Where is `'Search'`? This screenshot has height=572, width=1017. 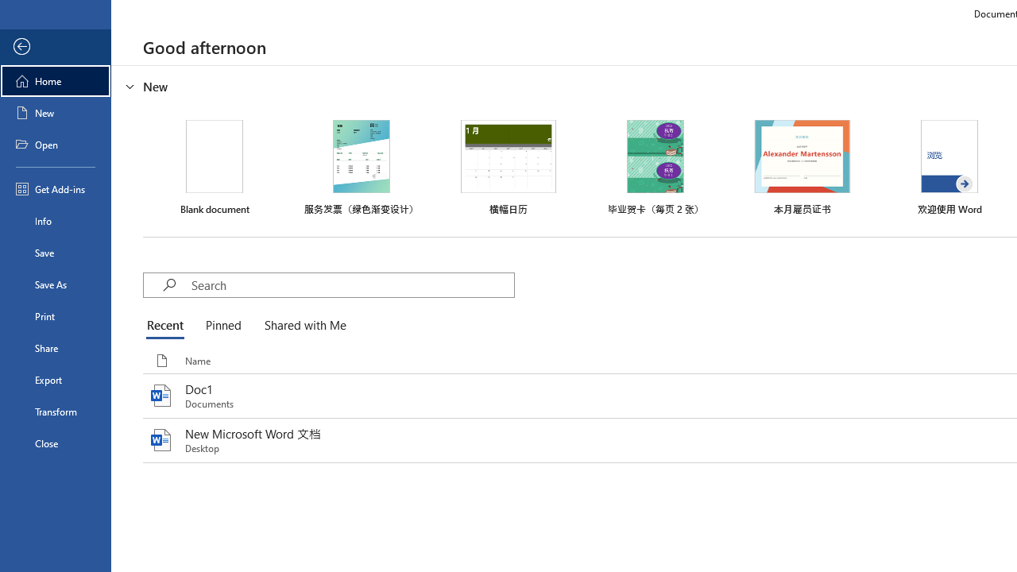
'Search' is located at coordinates (351, 284).